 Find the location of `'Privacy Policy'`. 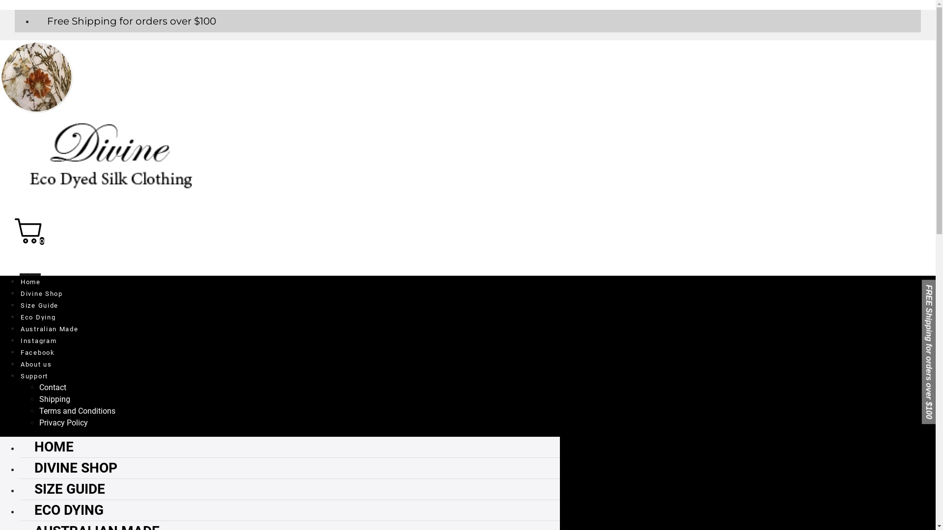

'Privacy Policy' is located at coordinates (63, 422).